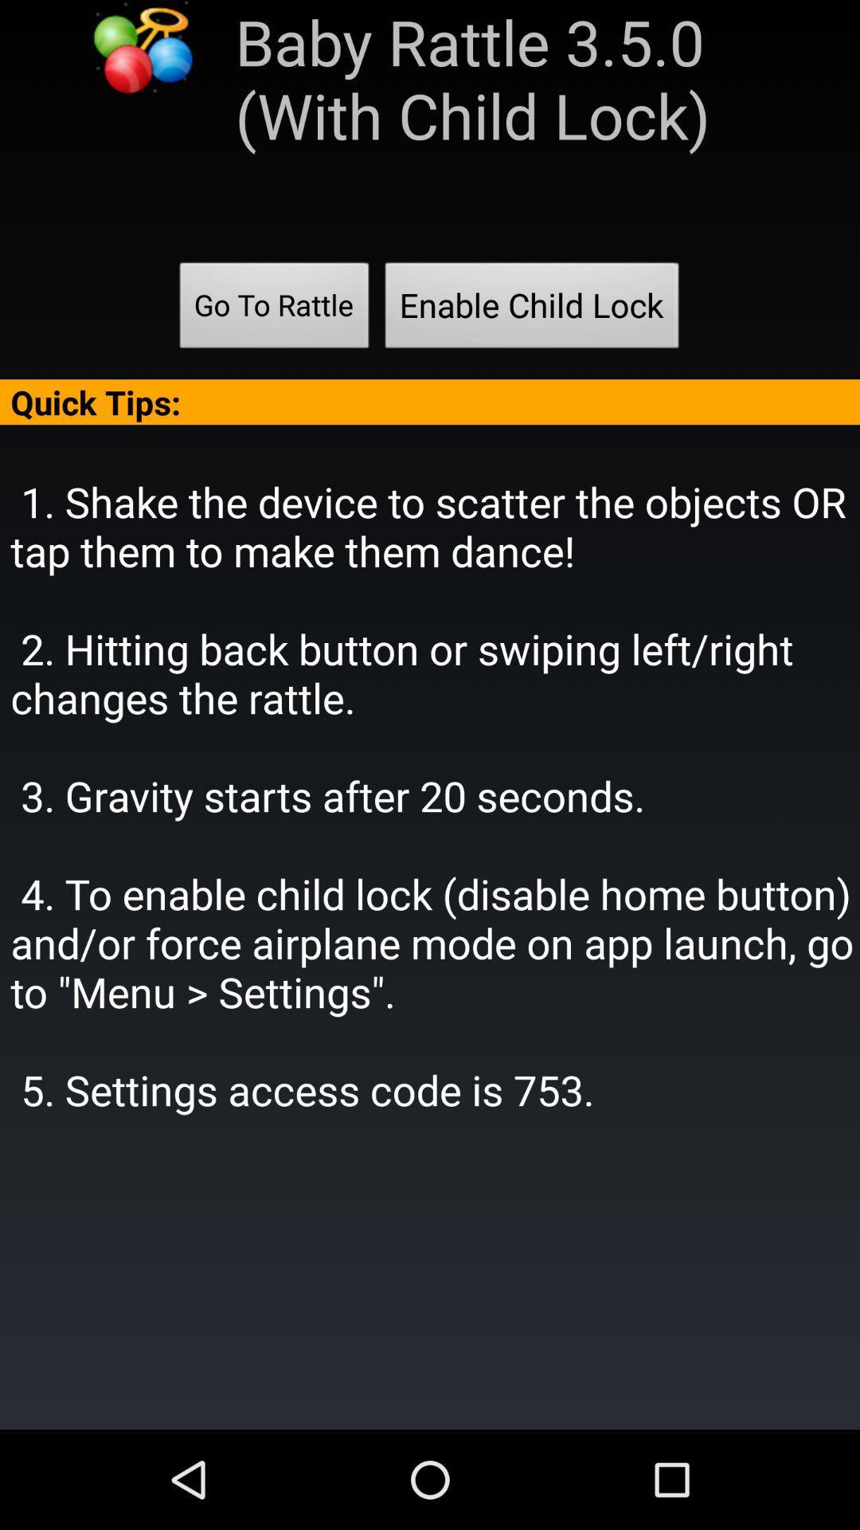 The width and height of the screenshot is (860, 1530). What do you see at coordinates (273, 310) in the screenshot?
I see `the item above quick tips: app` at bounding box center [273, 310].